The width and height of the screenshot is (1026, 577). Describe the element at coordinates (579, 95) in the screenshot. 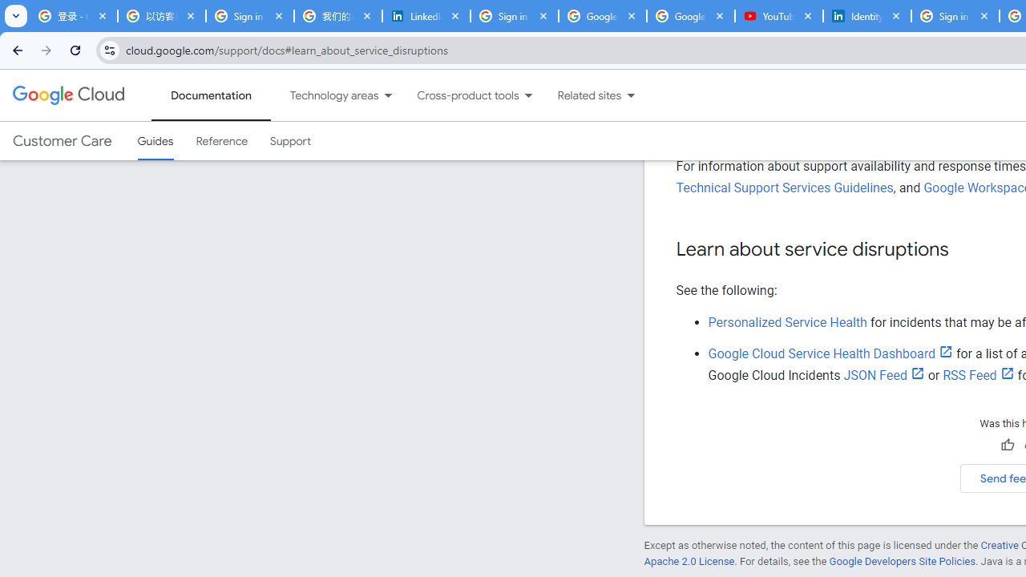

I see `'Related sites'` at that location.